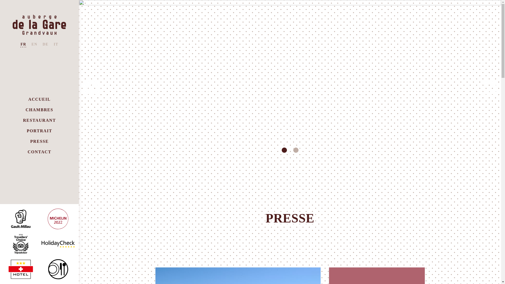  What do you see at coordinates (39, 131) in the screenshot?
I see `'PORTRAIT'` at bounding box center [39, 131].